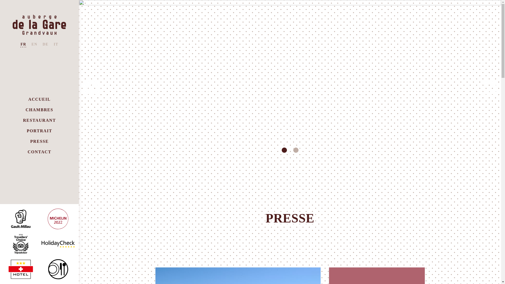  What do you see at coordinates (39, 131) in the screenshot?
I see `'PORTRAIT'` at bounding box center [39, 131].